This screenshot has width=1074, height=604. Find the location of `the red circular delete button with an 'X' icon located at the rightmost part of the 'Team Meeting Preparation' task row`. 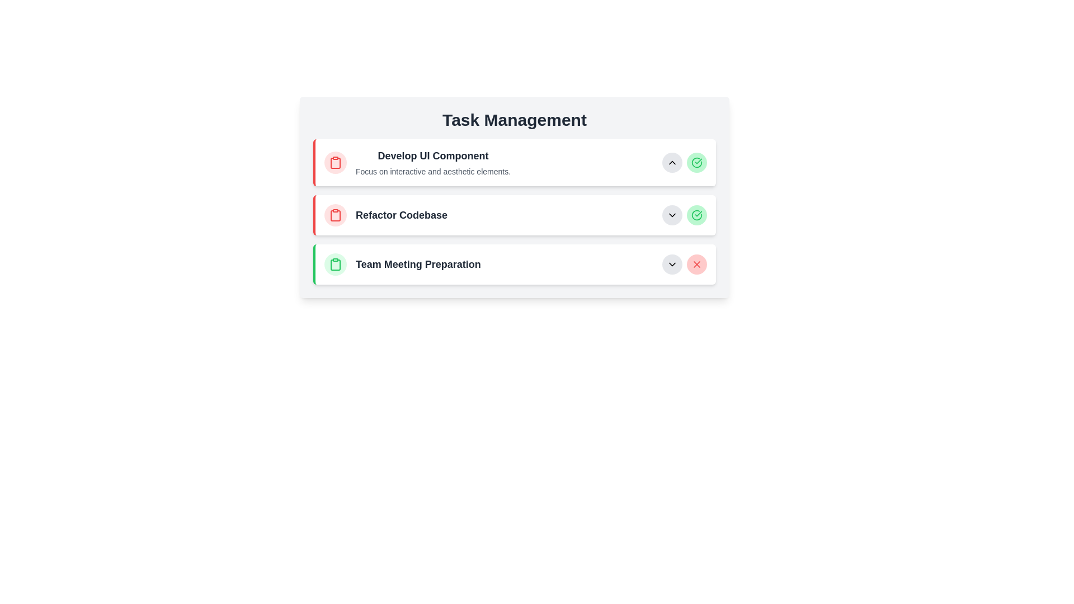

the red circular delete button with an 'X' icon located at the rightmost part of the 'Team Meeting Preparation' task row is located at coordinates (684, 265).